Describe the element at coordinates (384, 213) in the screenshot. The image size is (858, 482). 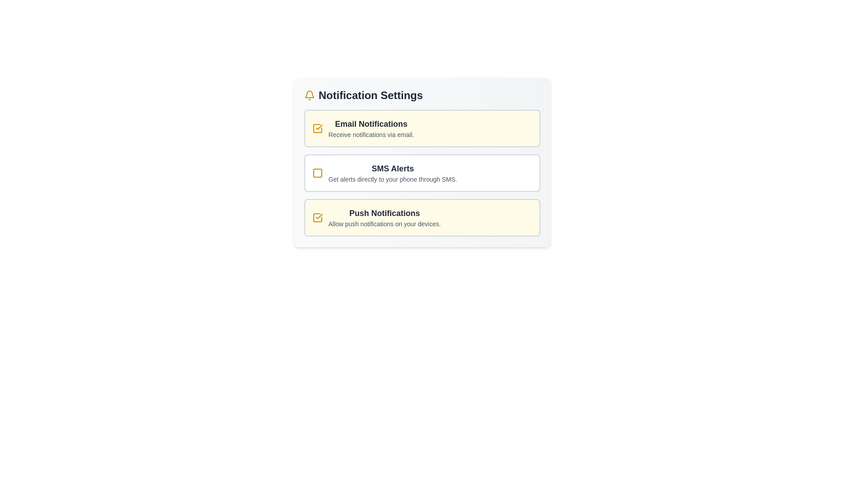
I see `the text label displaying 'Push Notifications' in bold dark gray within a light yellow section, located in the notification settings list` at that location.